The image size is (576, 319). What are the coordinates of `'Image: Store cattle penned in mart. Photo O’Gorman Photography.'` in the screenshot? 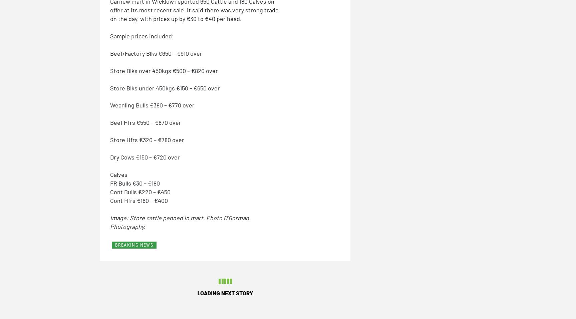 It's located at (179, 222).